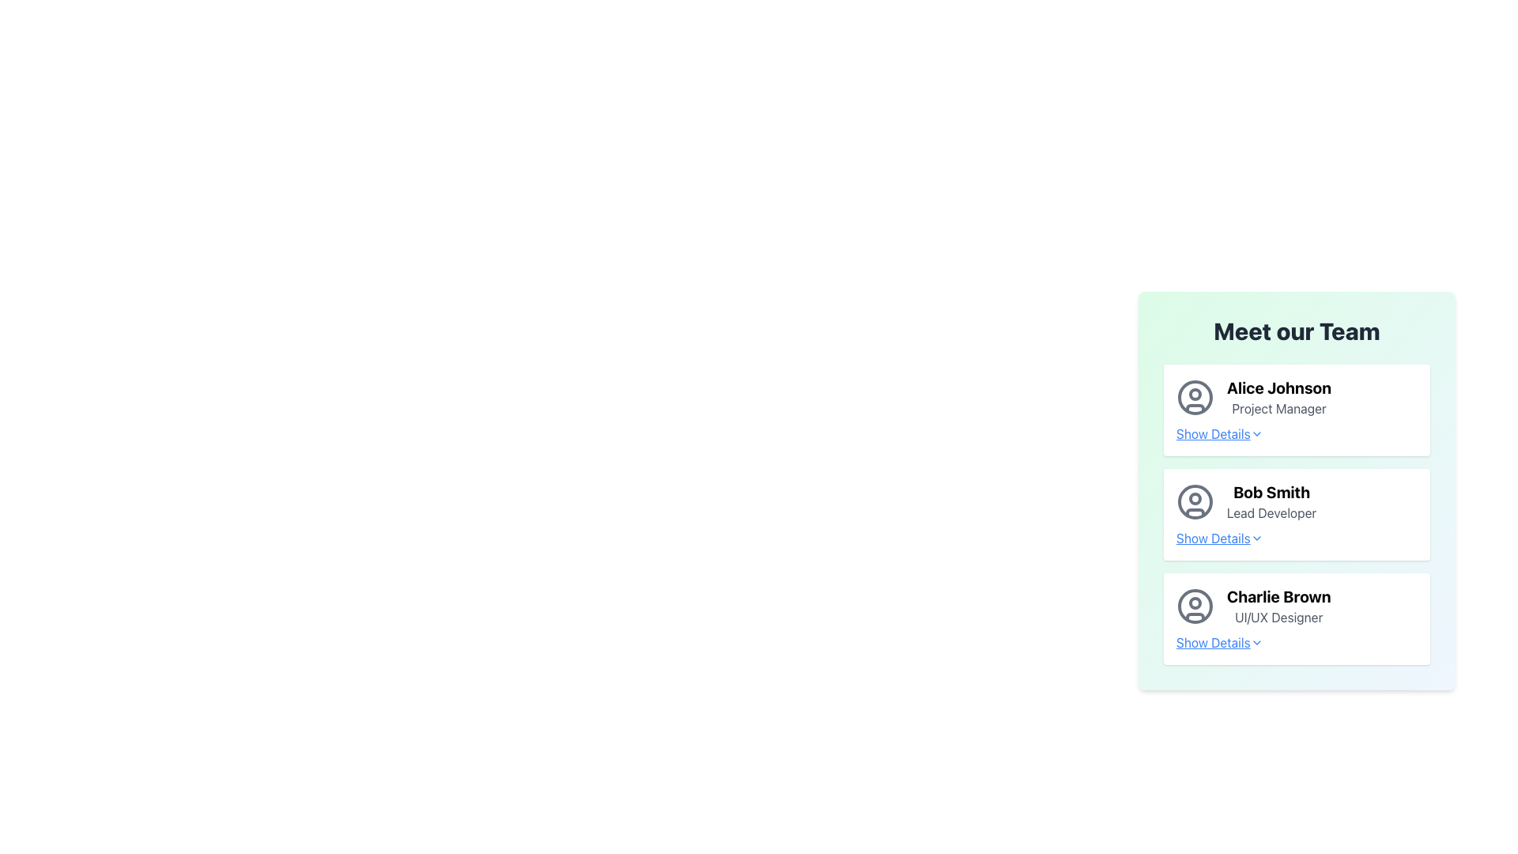  Describe the element at coordinates (1256, 643) in the screenshot. I see `the downward-facing chevron icon next to the text 'Show Details' for the team member 'Charlie Brown'` at that location.